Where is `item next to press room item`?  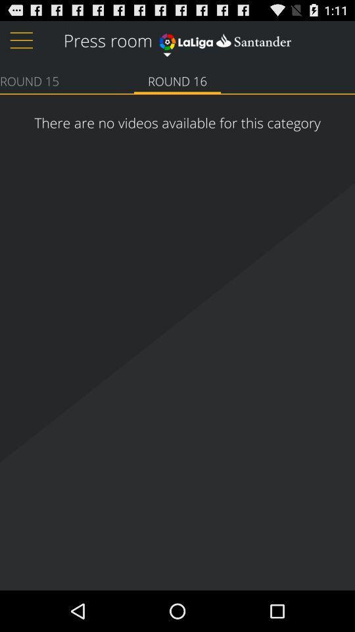 item next to press room item is located at coordinates (224, 38).